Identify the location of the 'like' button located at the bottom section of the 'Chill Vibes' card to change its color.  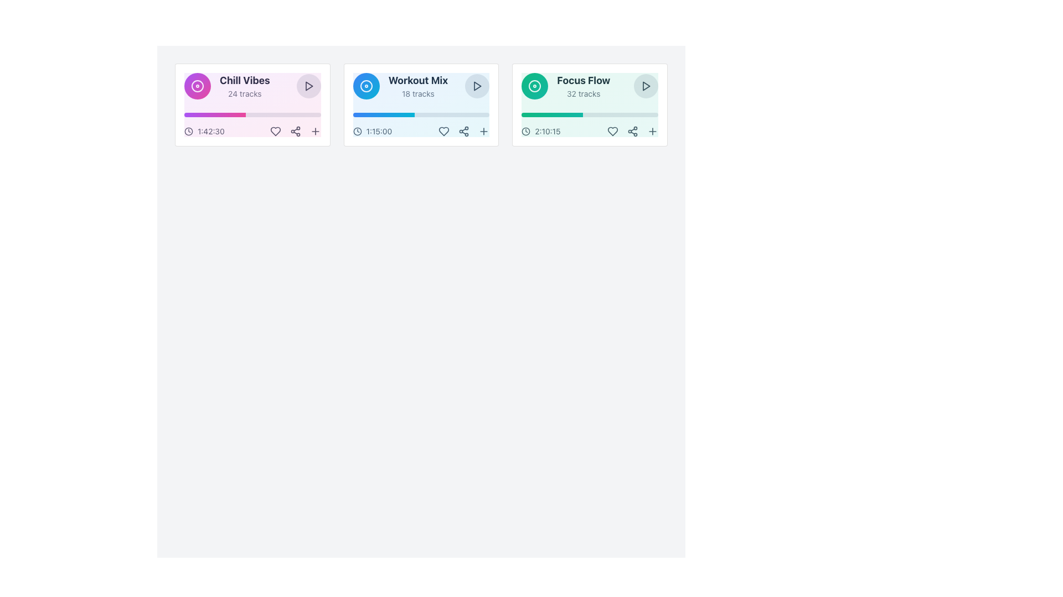
(275, 131).